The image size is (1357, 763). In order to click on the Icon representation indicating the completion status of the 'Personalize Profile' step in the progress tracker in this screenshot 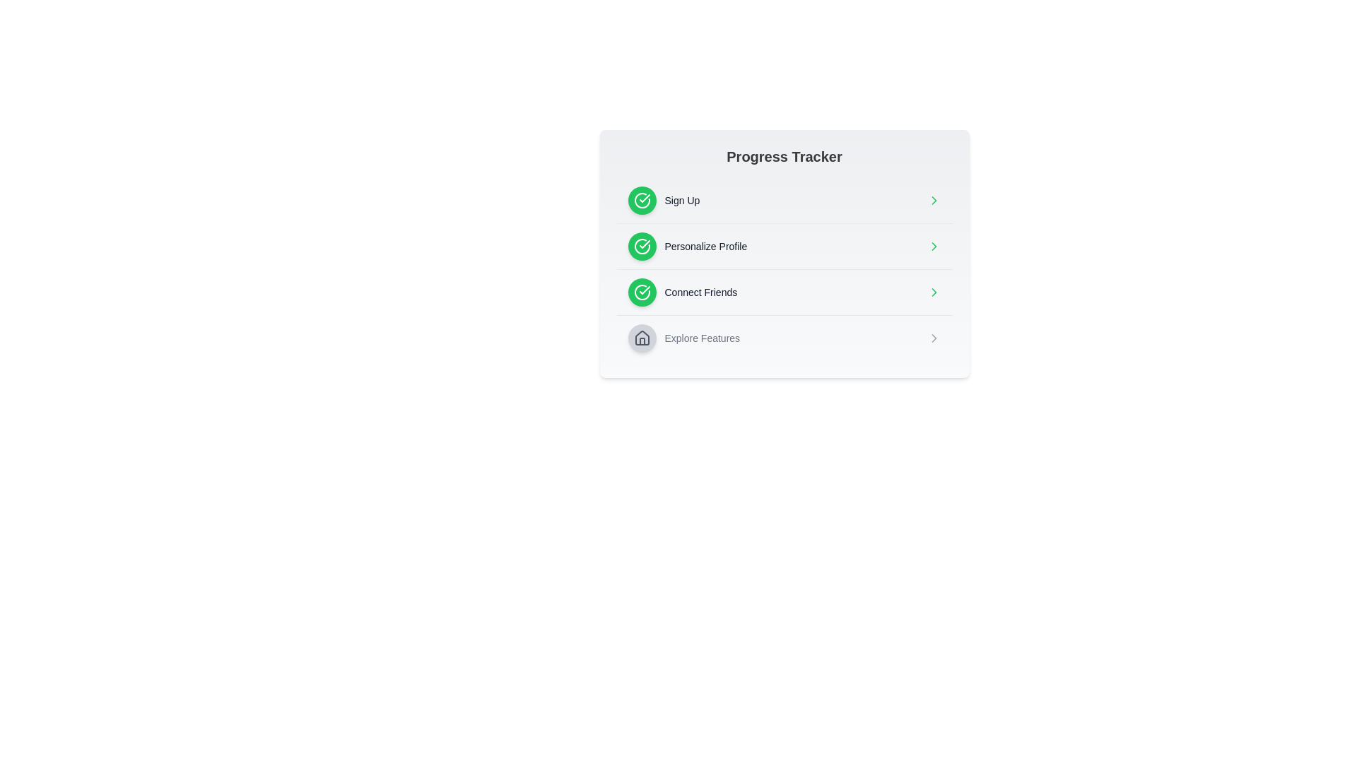, I will do `click(641, 245)`.